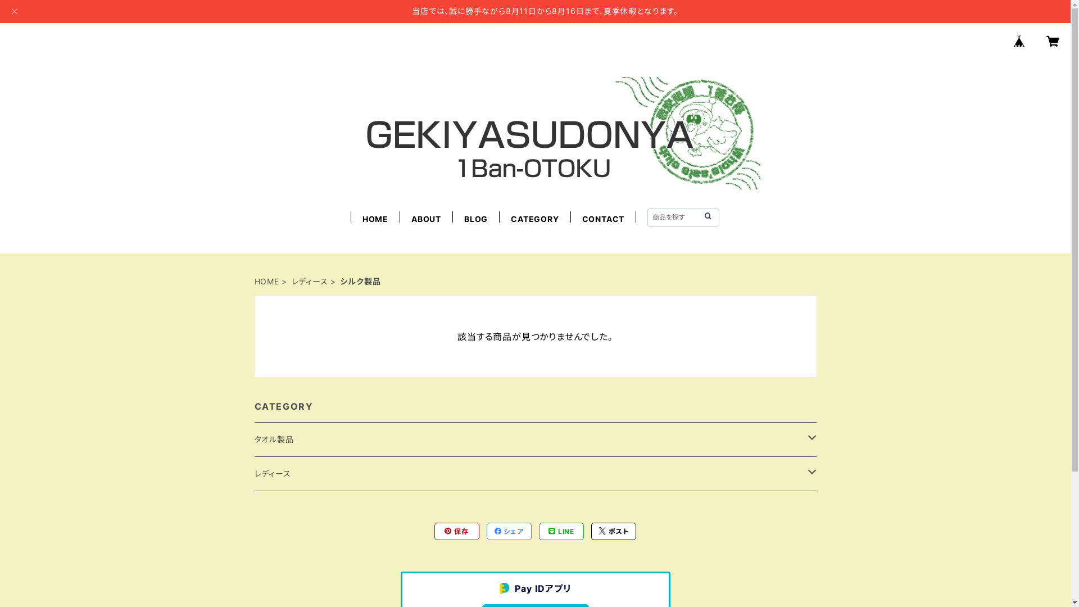  What do you see at coordinates (561, 531) in the screenshot?
I see `'LINE'` at bounding box center [561, 531].